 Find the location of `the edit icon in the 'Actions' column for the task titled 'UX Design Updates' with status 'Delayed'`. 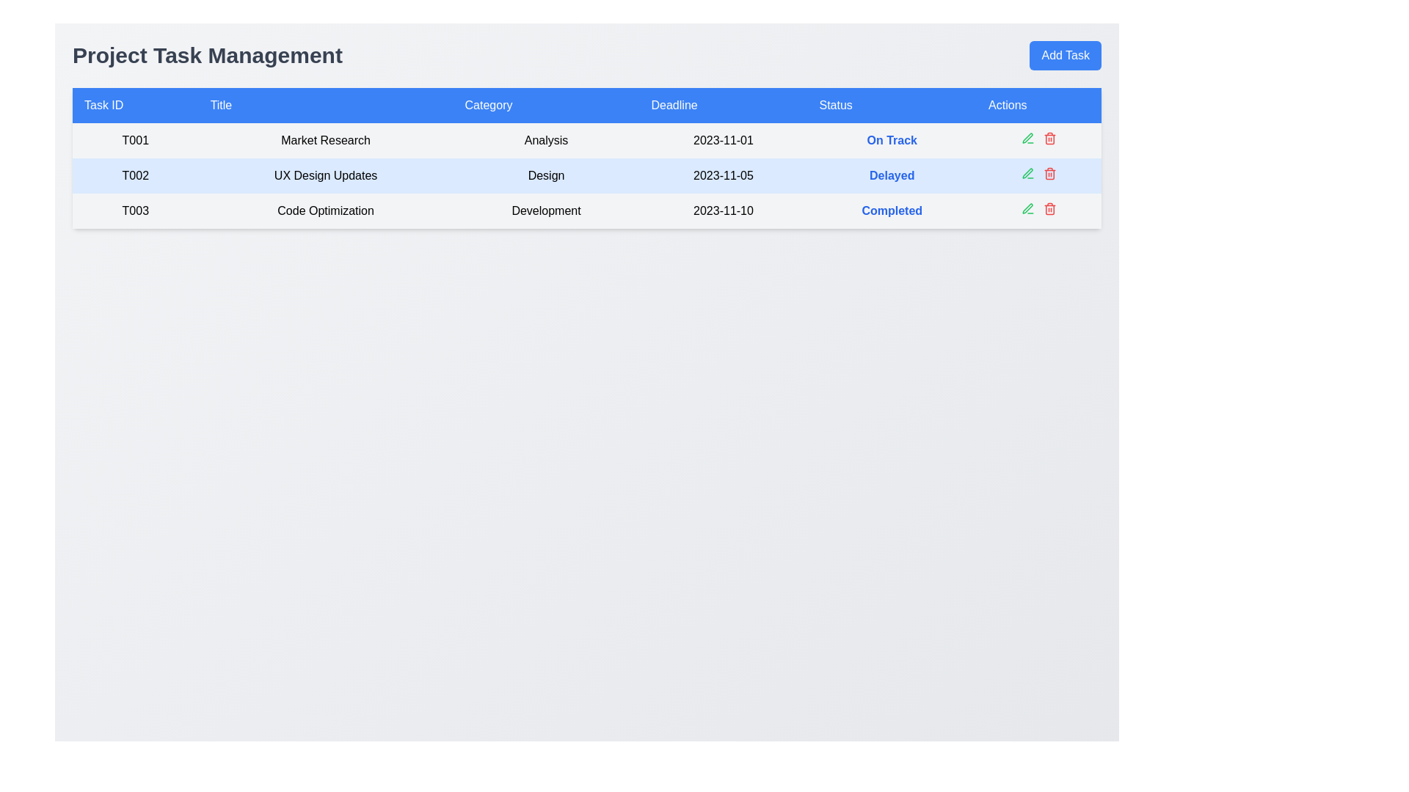

the edit icon in the 'Actions' column for the task titled 'UX Design Updates' with status 'Delayed' is located at coordinates (1027, 139).